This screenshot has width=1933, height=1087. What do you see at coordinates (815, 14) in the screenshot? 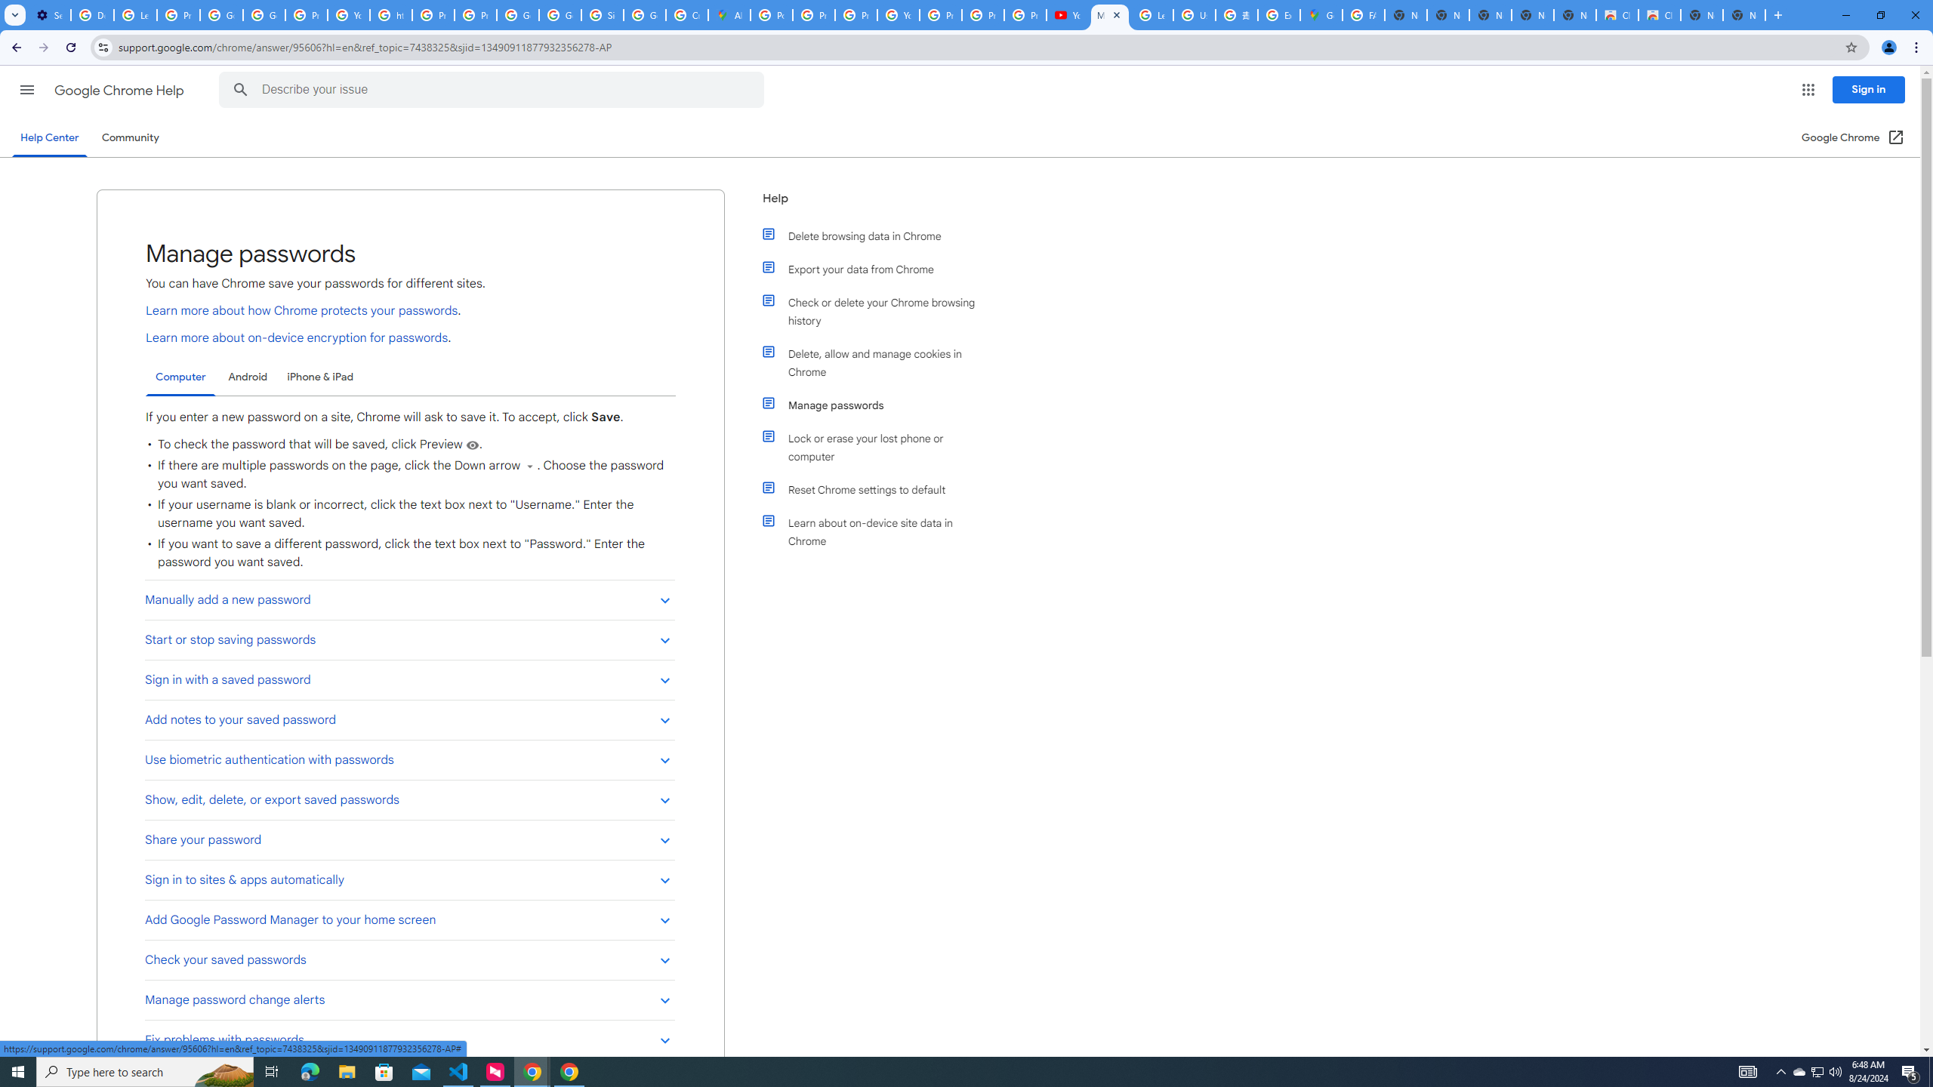
I see `'Privacy Help Center - Policies Help'` at bounding box center [815, 14].